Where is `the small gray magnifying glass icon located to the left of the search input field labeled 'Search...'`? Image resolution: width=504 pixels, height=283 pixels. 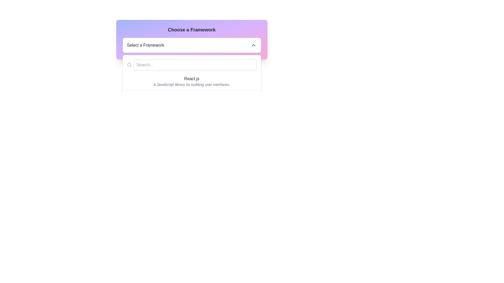
the small gray magnifying glass icon located to the left of the search input field labeled 'Search...' is located at coordinates (129, 64).